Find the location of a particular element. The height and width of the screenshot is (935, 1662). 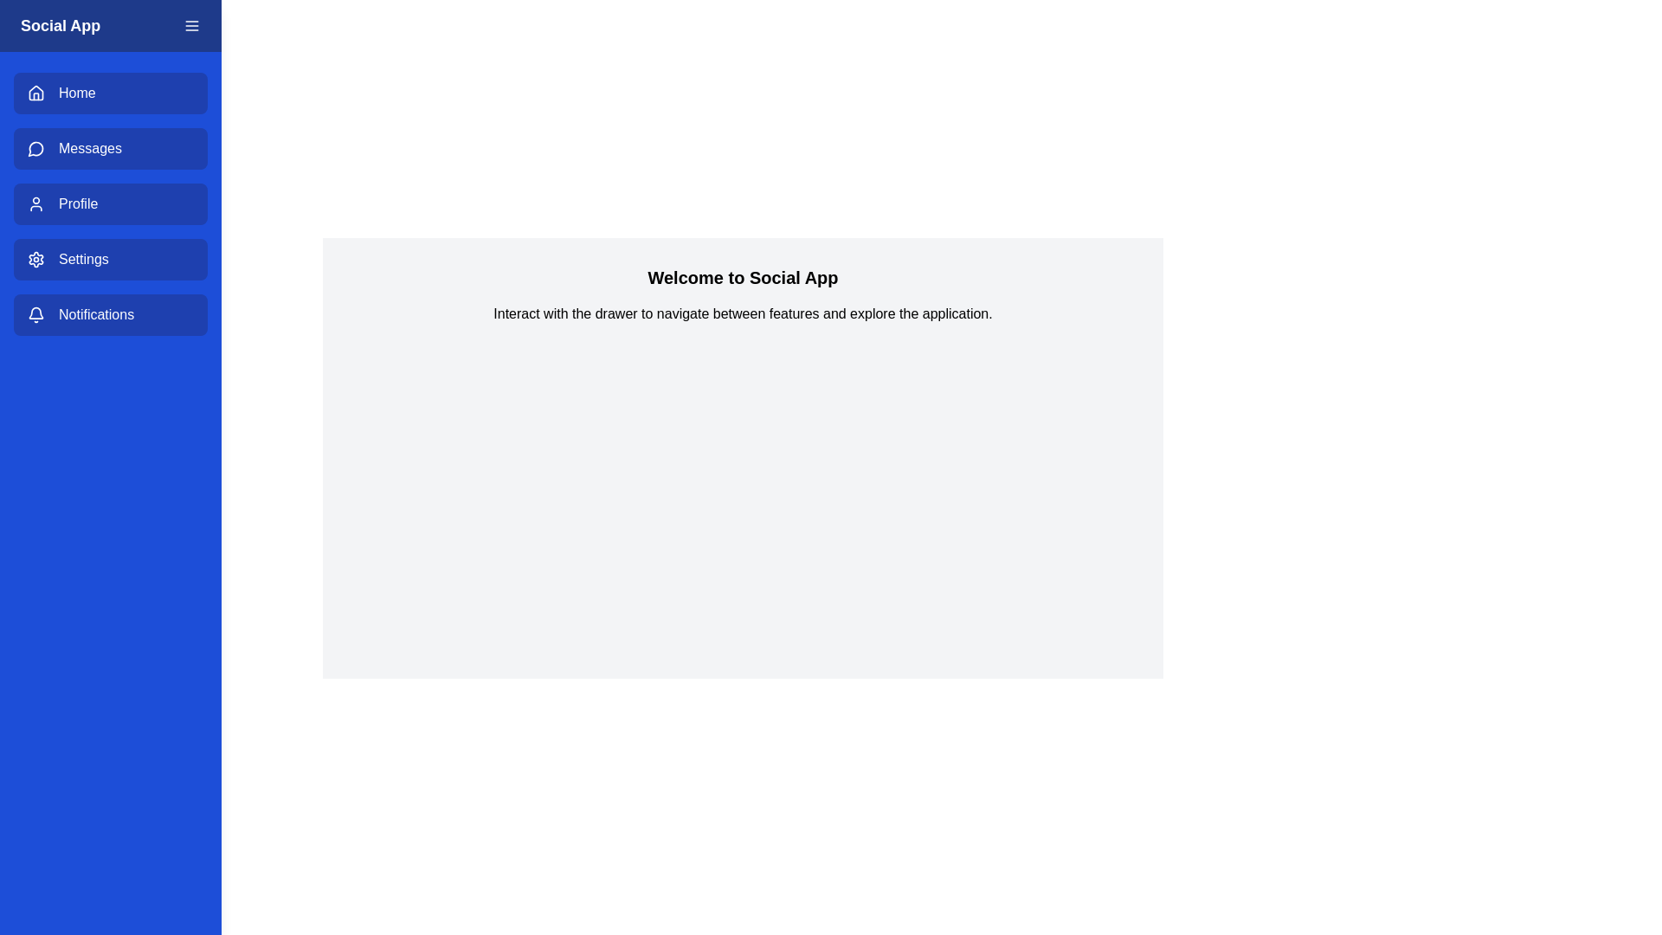

the menu item Profile to navigate to the respective section is located at coordinates (110, 203).